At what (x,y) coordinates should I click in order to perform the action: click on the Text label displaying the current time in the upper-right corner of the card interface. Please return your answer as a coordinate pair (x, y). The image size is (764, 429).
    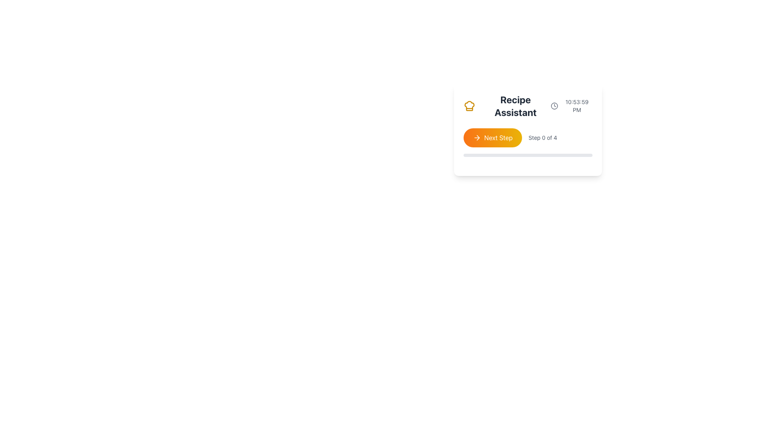
    Looking at the image, I should click on (577, 105).